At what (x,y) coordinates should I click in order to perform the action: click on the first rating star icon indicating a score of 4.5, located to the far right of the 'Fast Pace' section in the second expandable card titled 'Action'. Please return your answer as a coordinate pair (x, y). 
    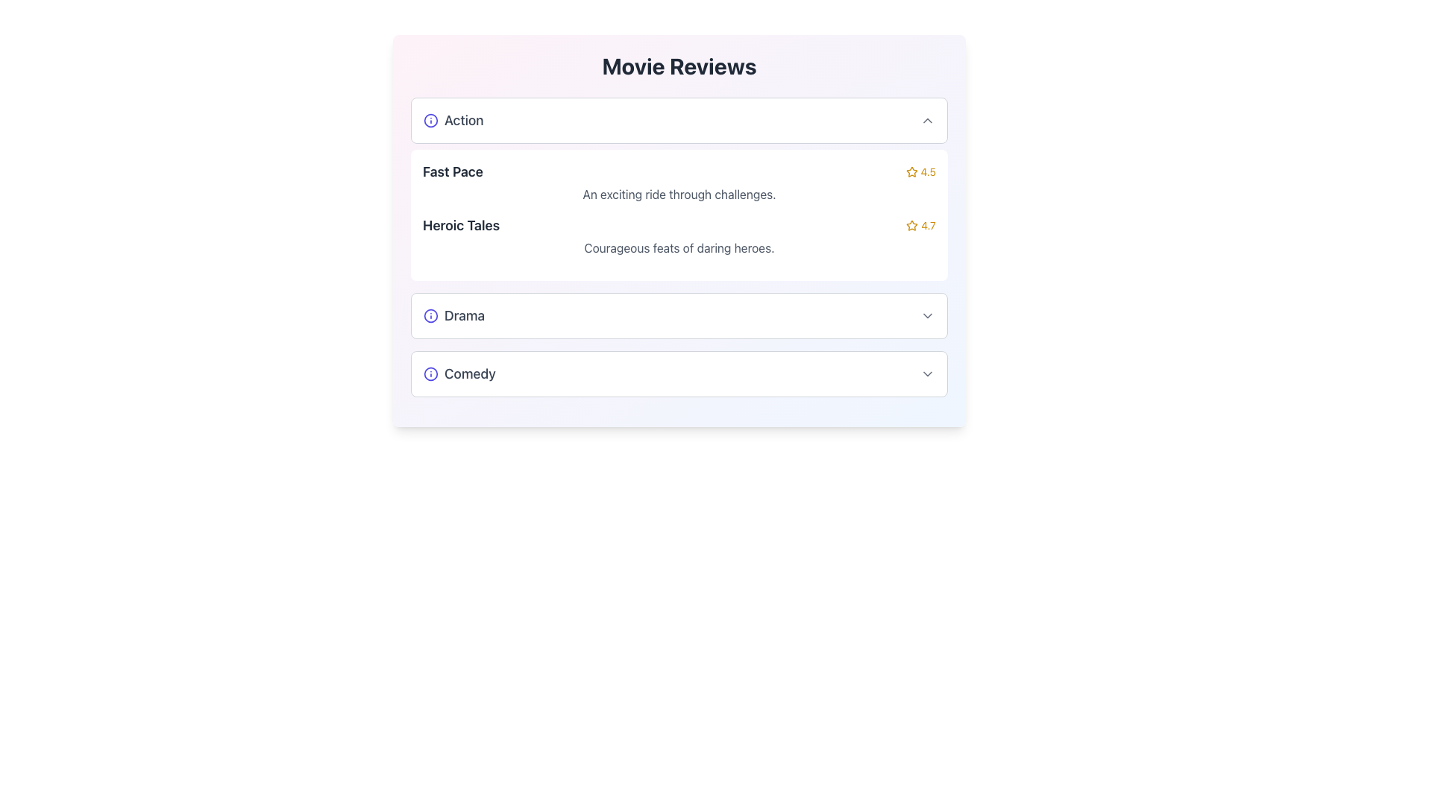
    Looking at the image, I should click on (911, 171).